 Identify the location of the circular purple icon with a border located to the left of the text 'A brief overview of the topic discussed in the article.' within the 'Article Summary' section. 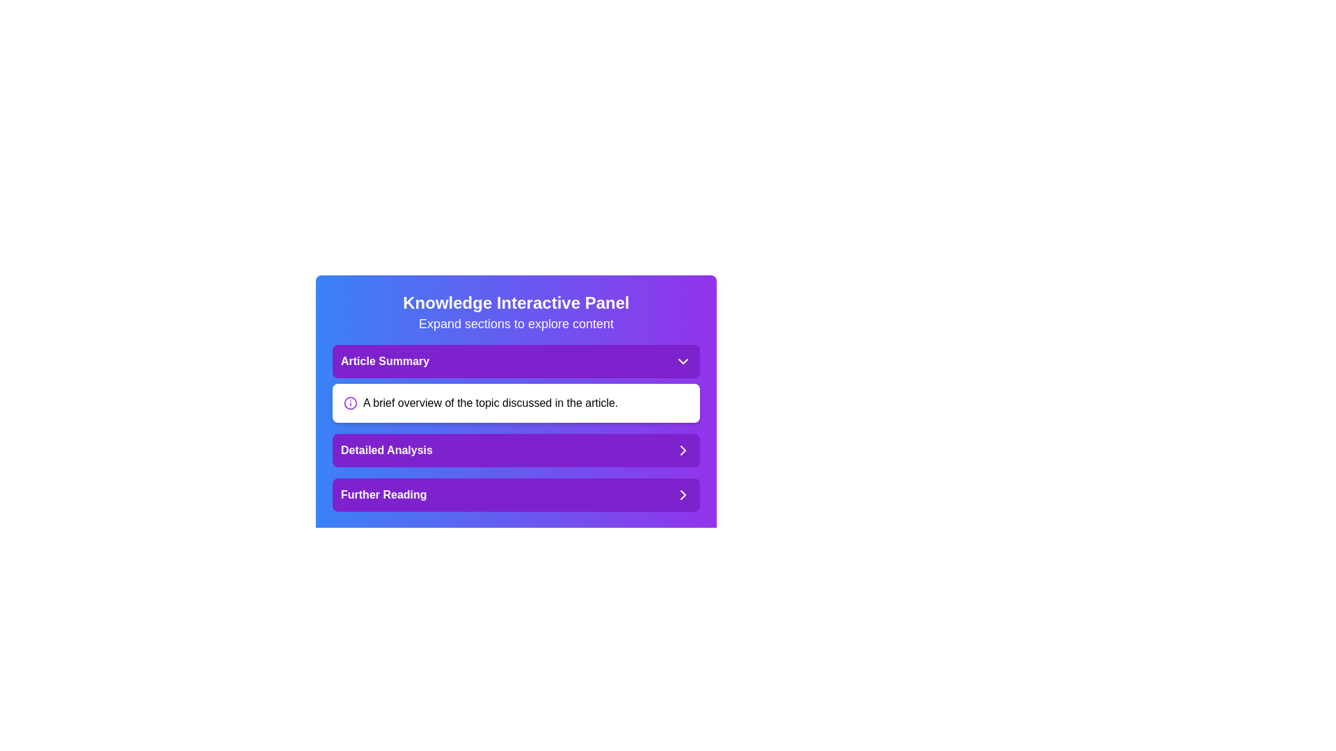
(351, 403).